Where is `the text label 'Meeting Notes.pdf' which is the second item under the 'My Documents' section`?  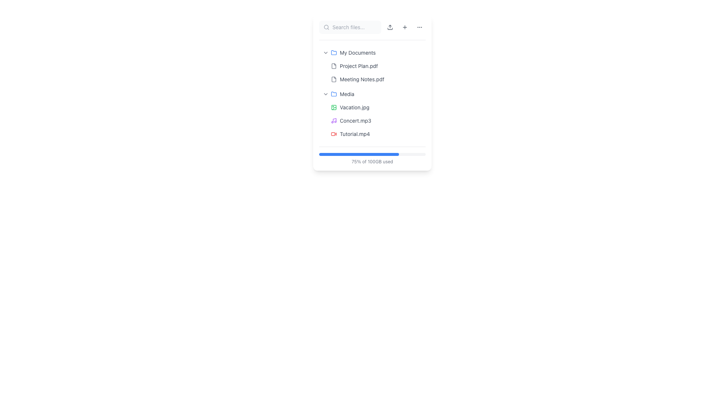
the text label 'Meeting Notes.pdf' which is the second item under the 'My Documents' section is located at coordinates (362, 79).